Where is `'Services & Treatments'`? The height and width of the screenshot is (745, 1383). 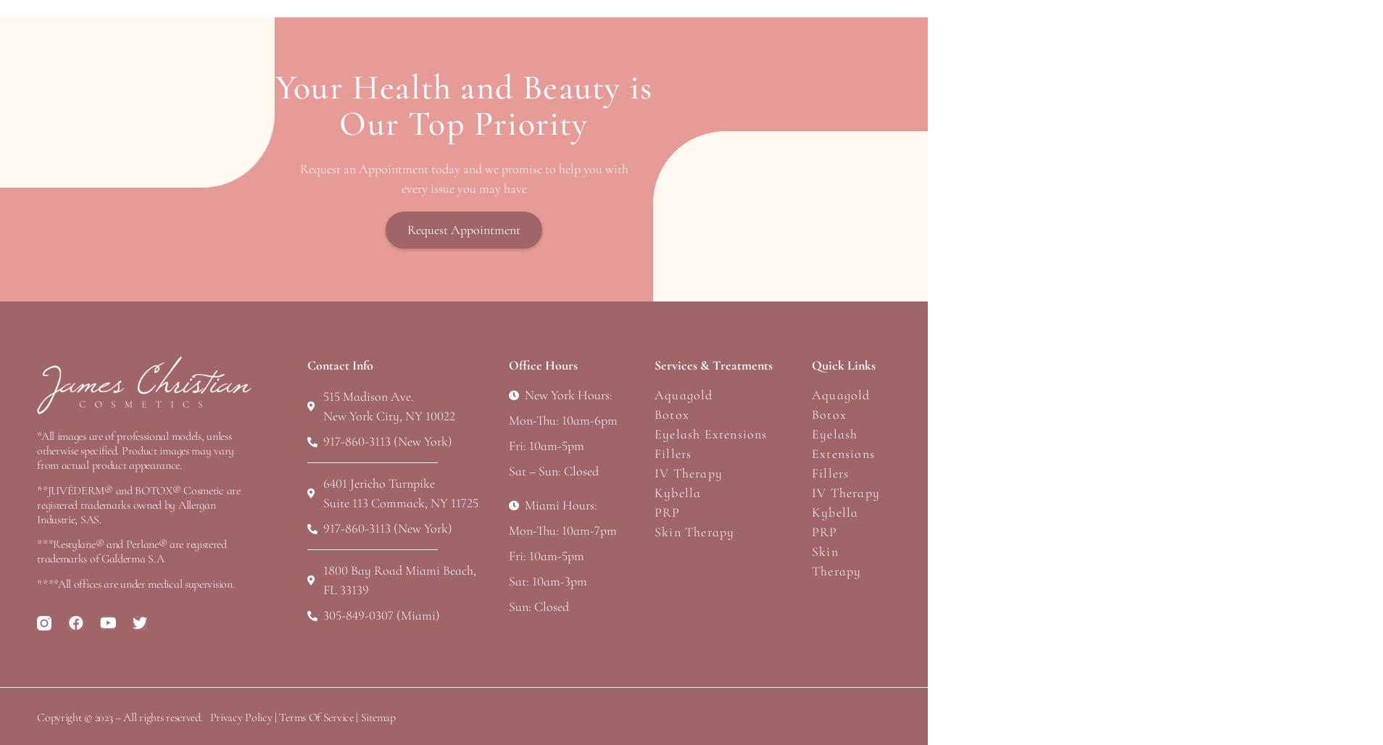
'Services & Treatments' is located at coordinates (713, 365).